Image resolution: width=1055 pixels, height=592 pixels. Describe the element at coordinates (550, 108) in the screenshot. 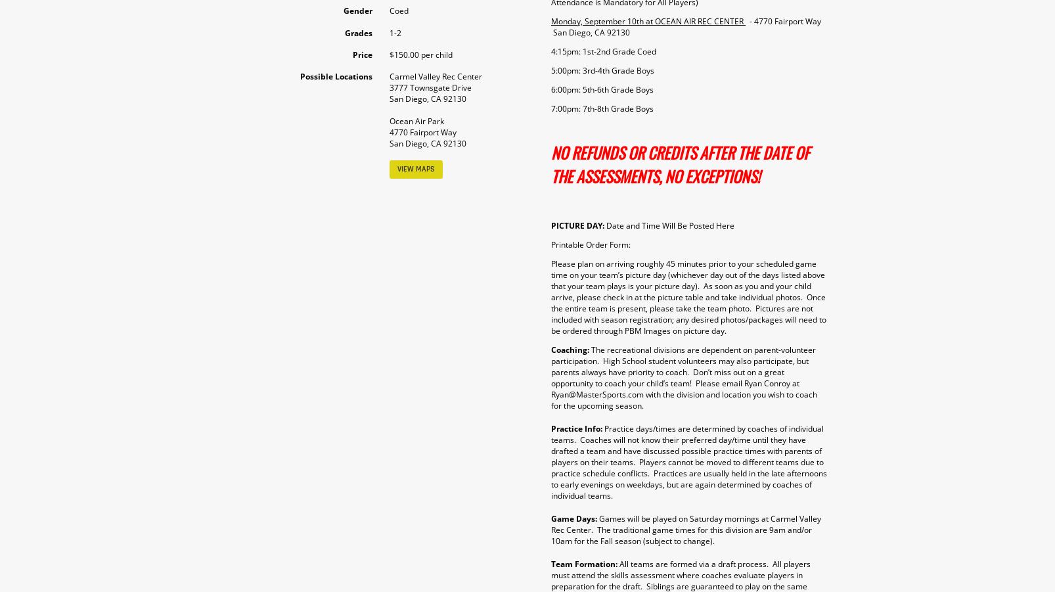

I see `'7:00pm: 7th-8th Grade Boys'` at that location.